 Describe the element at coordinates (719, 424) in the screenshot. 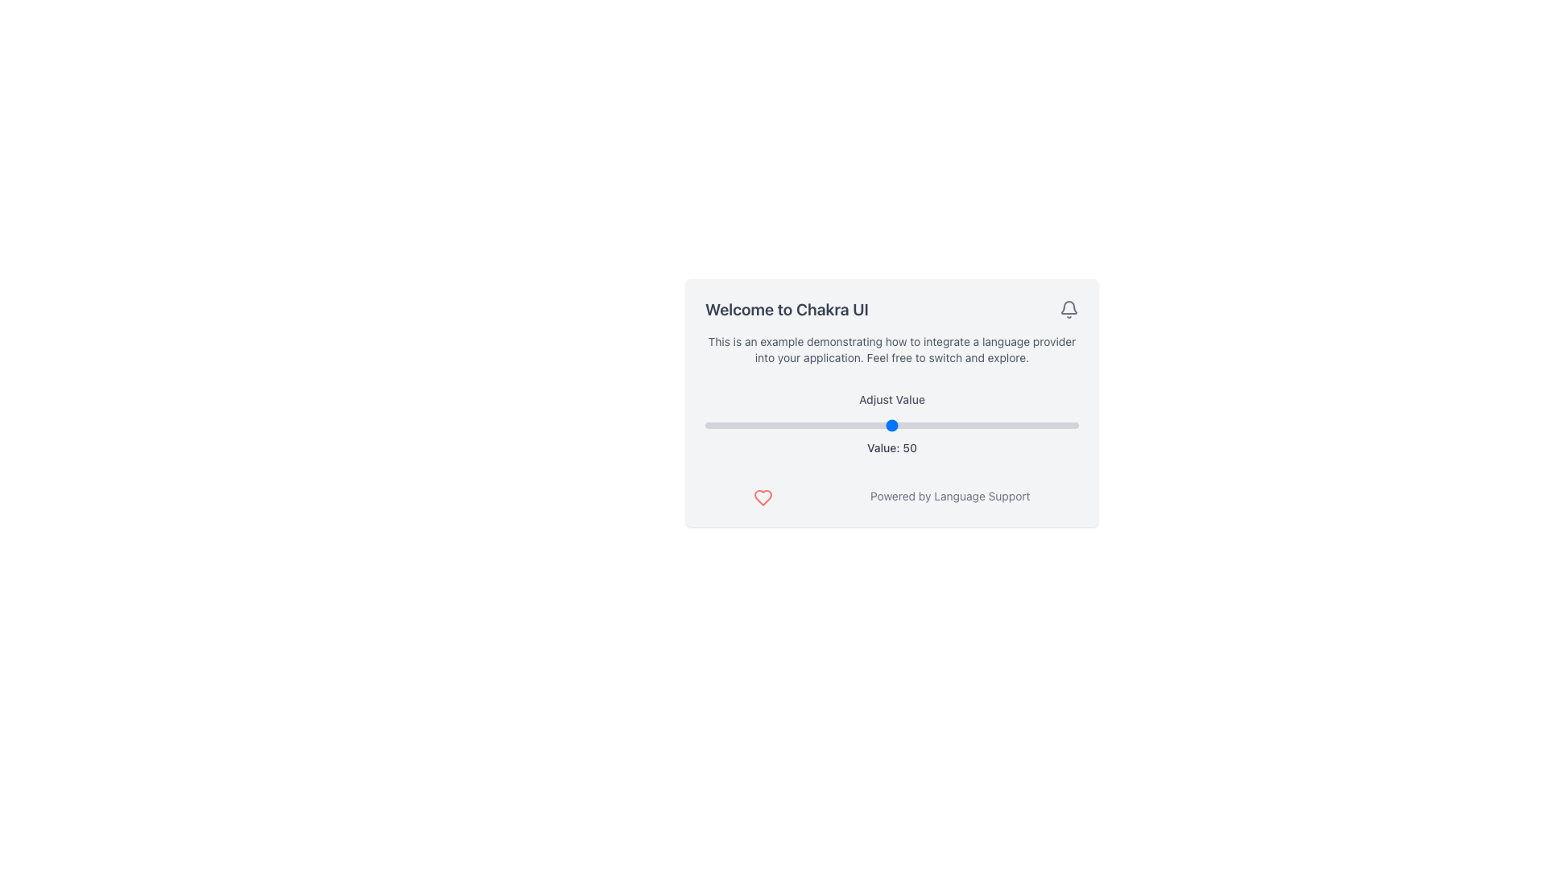

I see `the slider value` at that location.